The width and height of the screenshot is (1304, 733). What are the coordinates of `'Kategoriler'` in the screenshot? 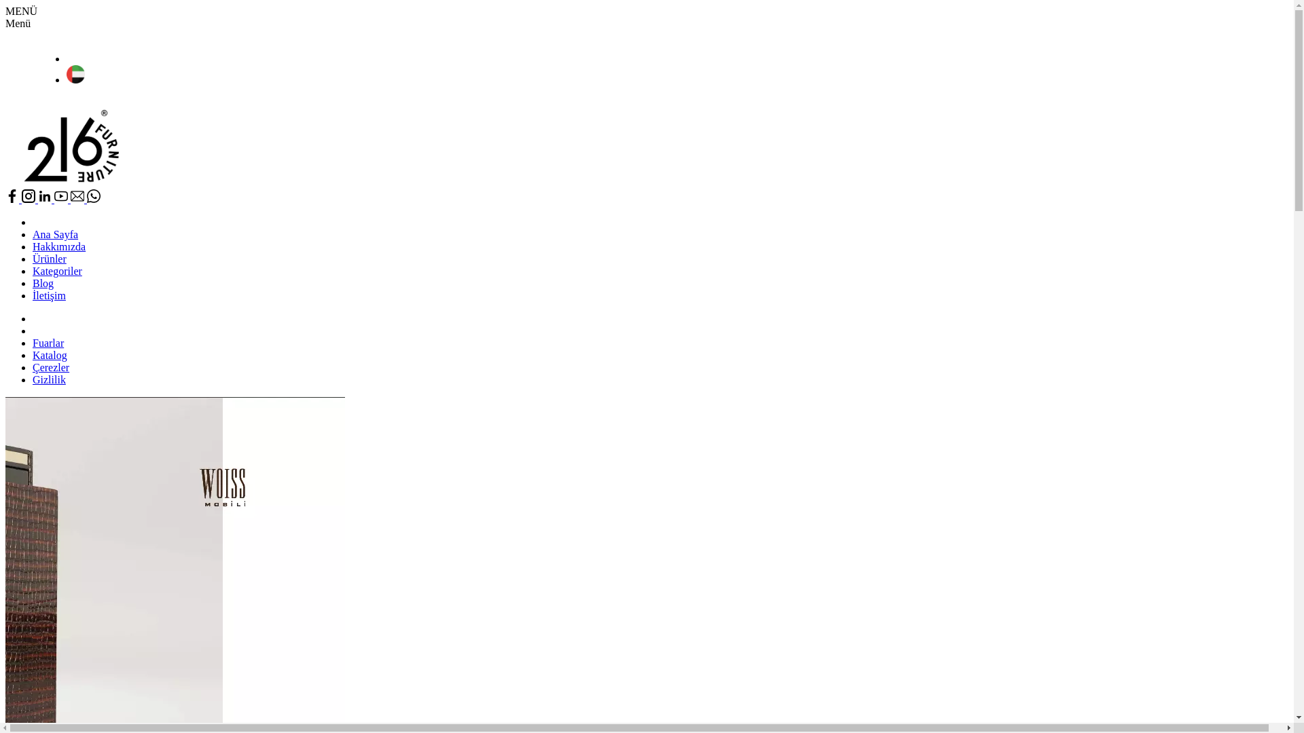 It's located at (56, 271).